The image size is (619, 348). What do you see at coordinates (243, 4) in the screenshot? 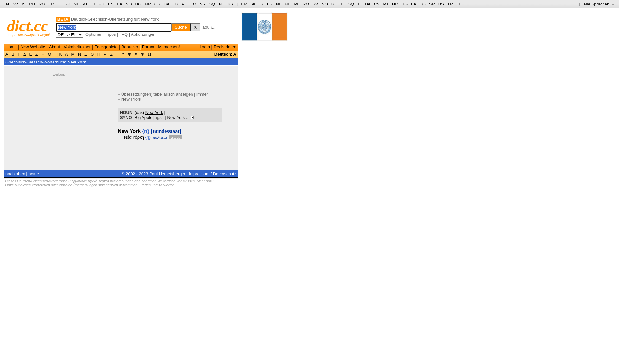
I see `'FR'` at bounding box center [243, 4].